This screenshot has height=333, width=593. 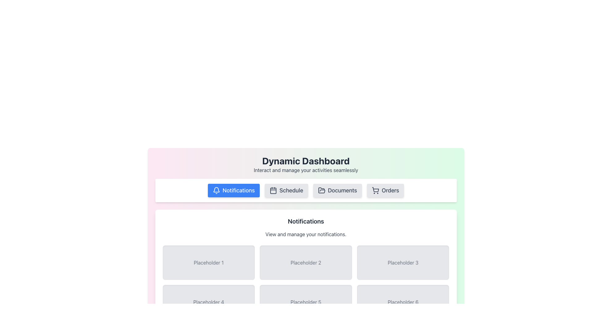 What do you see at coordinates (306, 302) in the screenshot?
I see `the text label 'Placeholder 5' located in the second row of the grid layout under the Notifications section` at bounding box center [306, 302].